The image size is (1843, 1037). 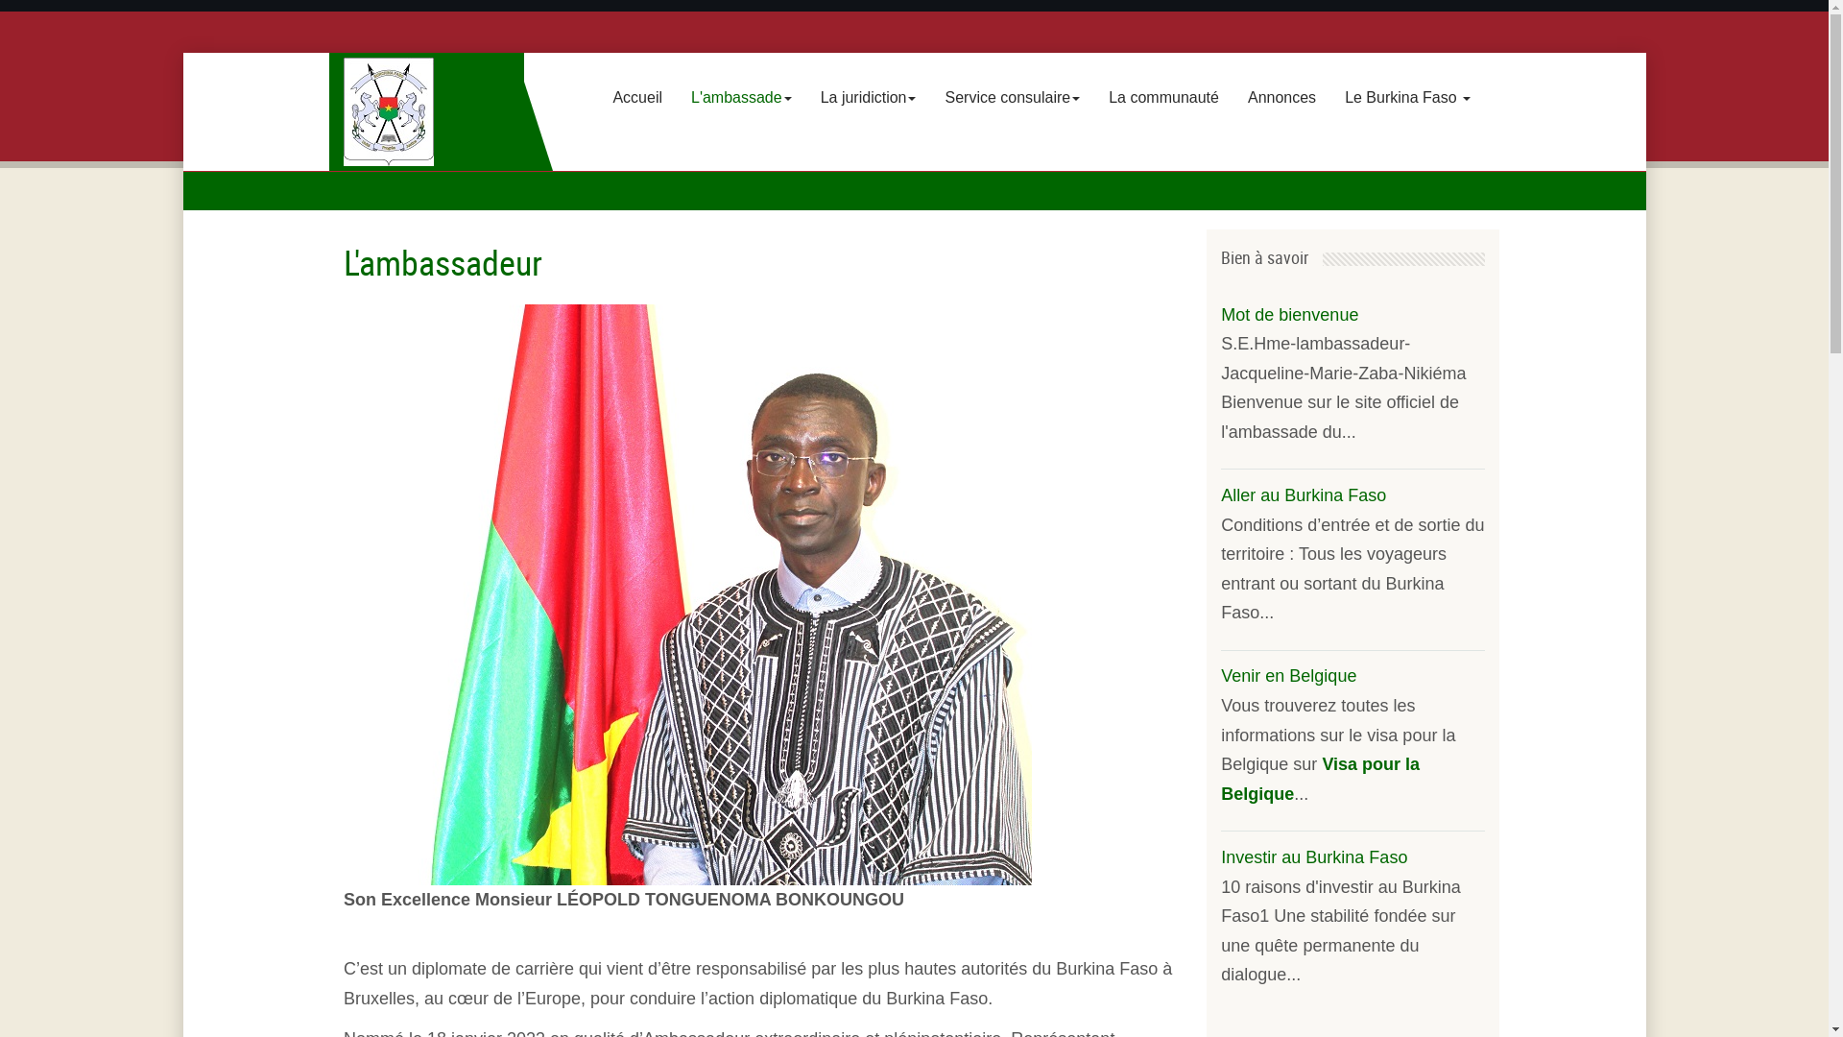 What do you see at coordinates (1288, 675) in the screenshot?
I see `'Venir en Belgique'` at bounding box center [1288, 675].